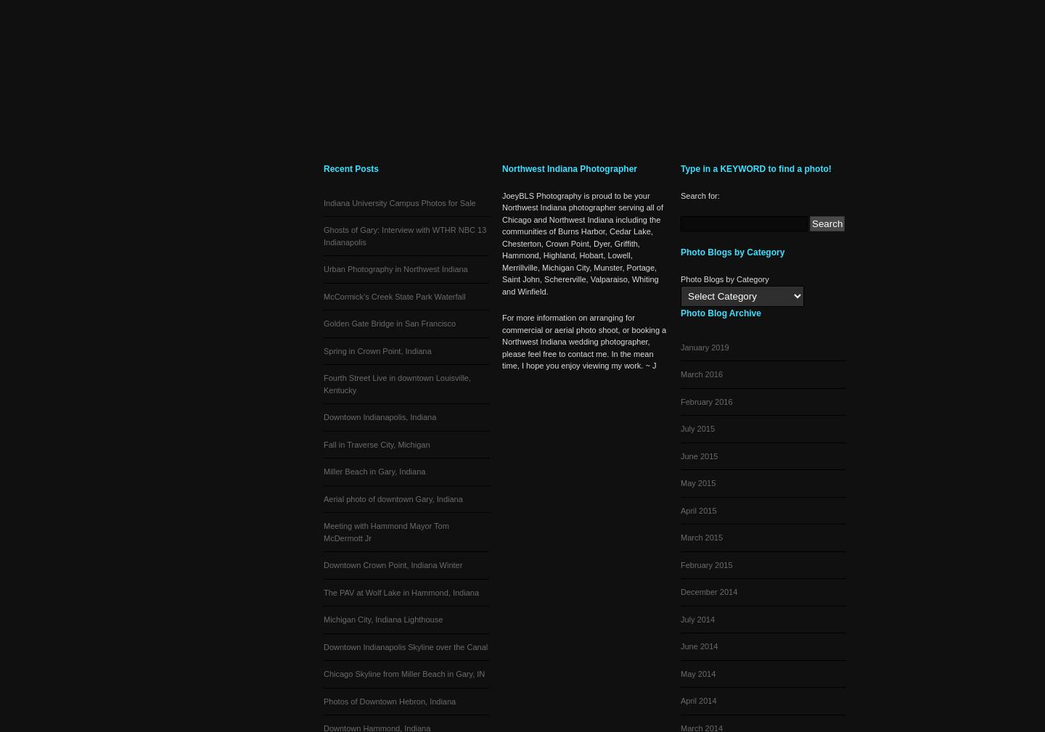  I want to click on 'Michigan City, Indiana Lighthouse', so click(382, 620).